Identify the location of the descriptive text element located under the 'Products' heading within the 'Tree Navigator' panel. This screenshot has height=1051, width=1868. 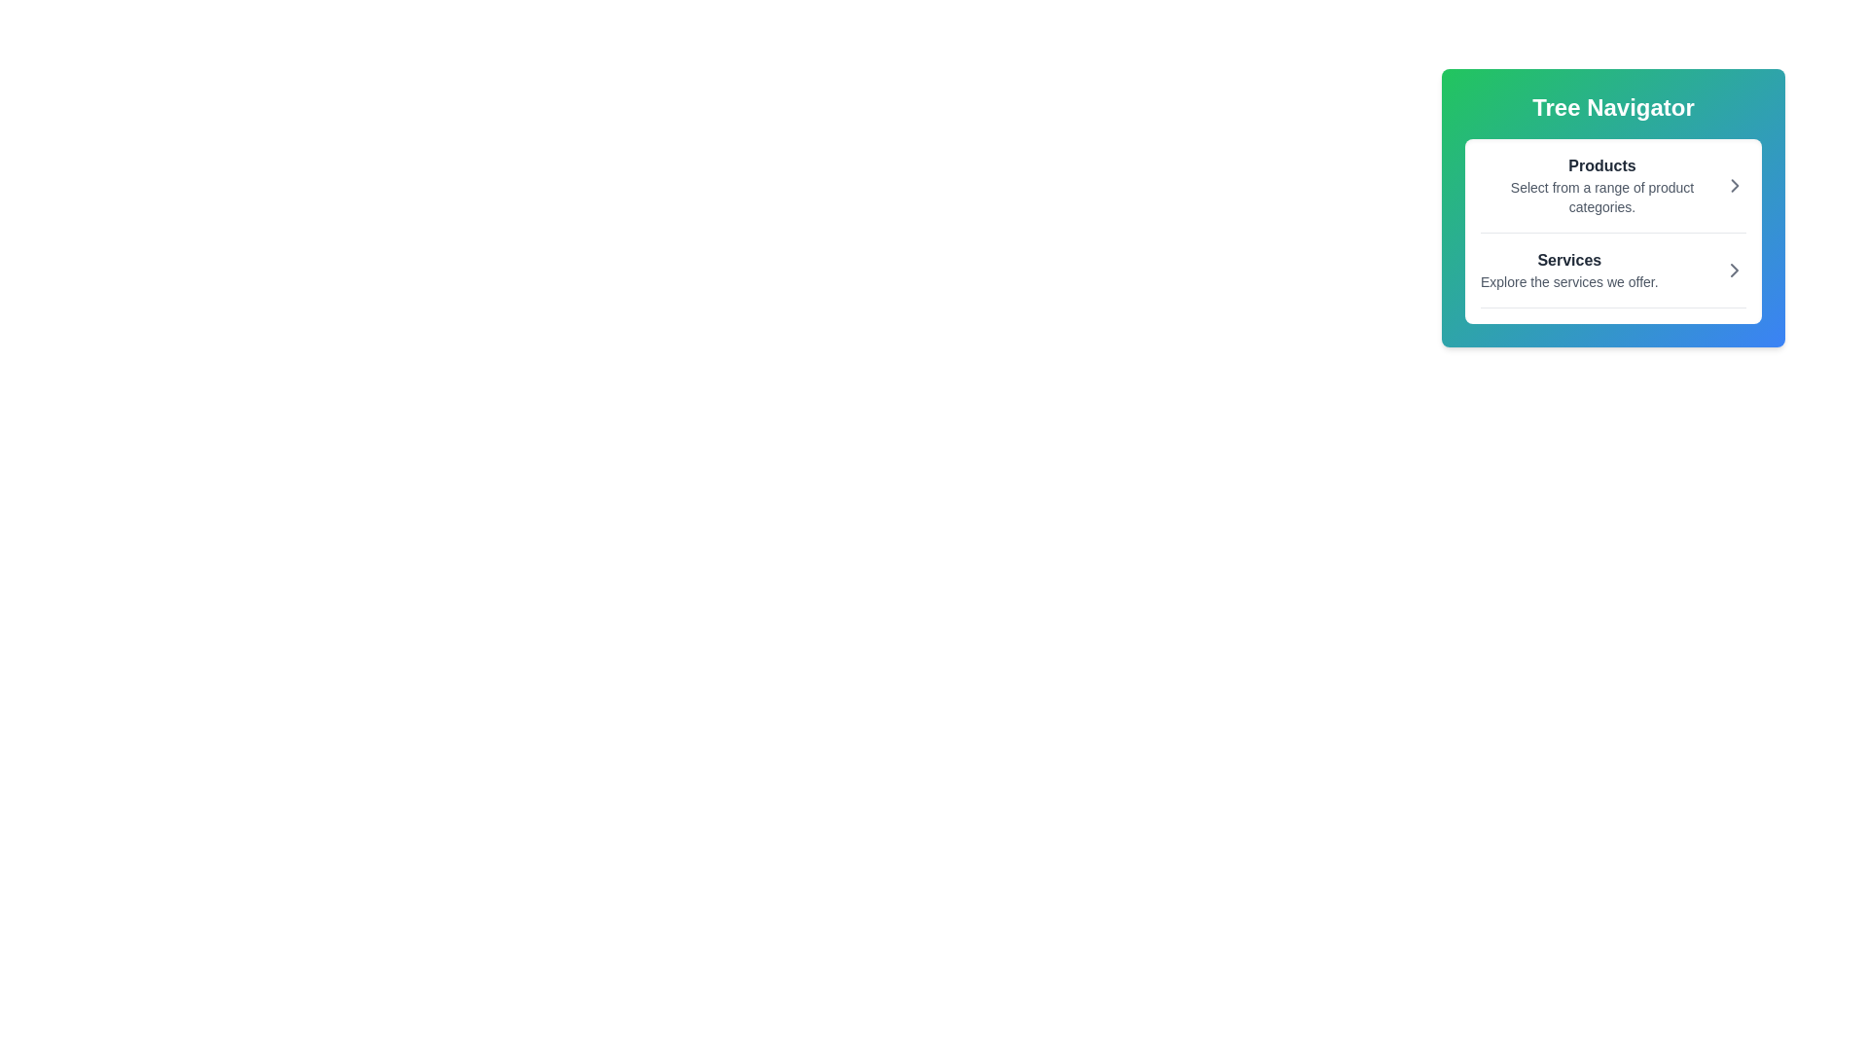
(1601, 198).